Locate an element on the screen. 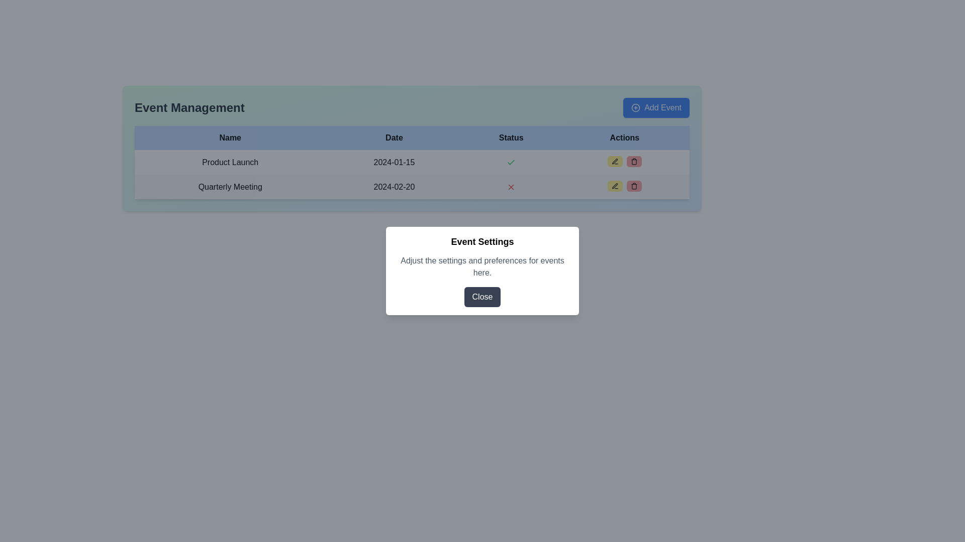 The height and width of the screenshot is (542, 965). the green checkmark icon in the 'Status' column of the Event Management table for the 'Product Launch' row, which symbolizes a successful status is located at coordinates (511, 162).